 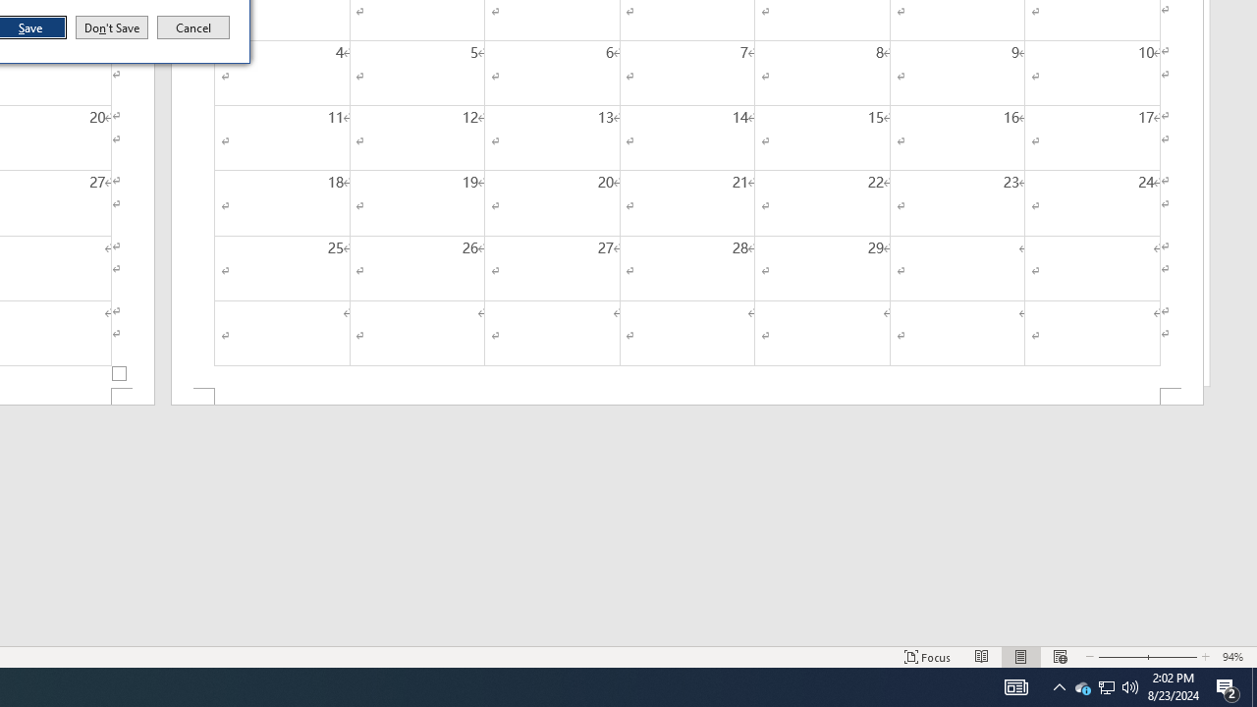 I want to click on 'Notification Chevron', so click(x=1059, y=685).